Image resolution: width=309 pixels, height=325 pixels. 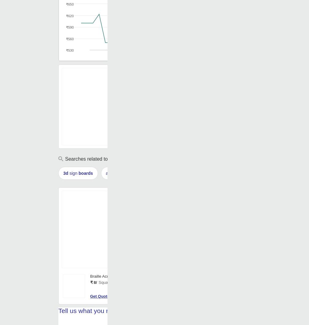 I want to click on 'acrylic board', so click(x=160, y=173).